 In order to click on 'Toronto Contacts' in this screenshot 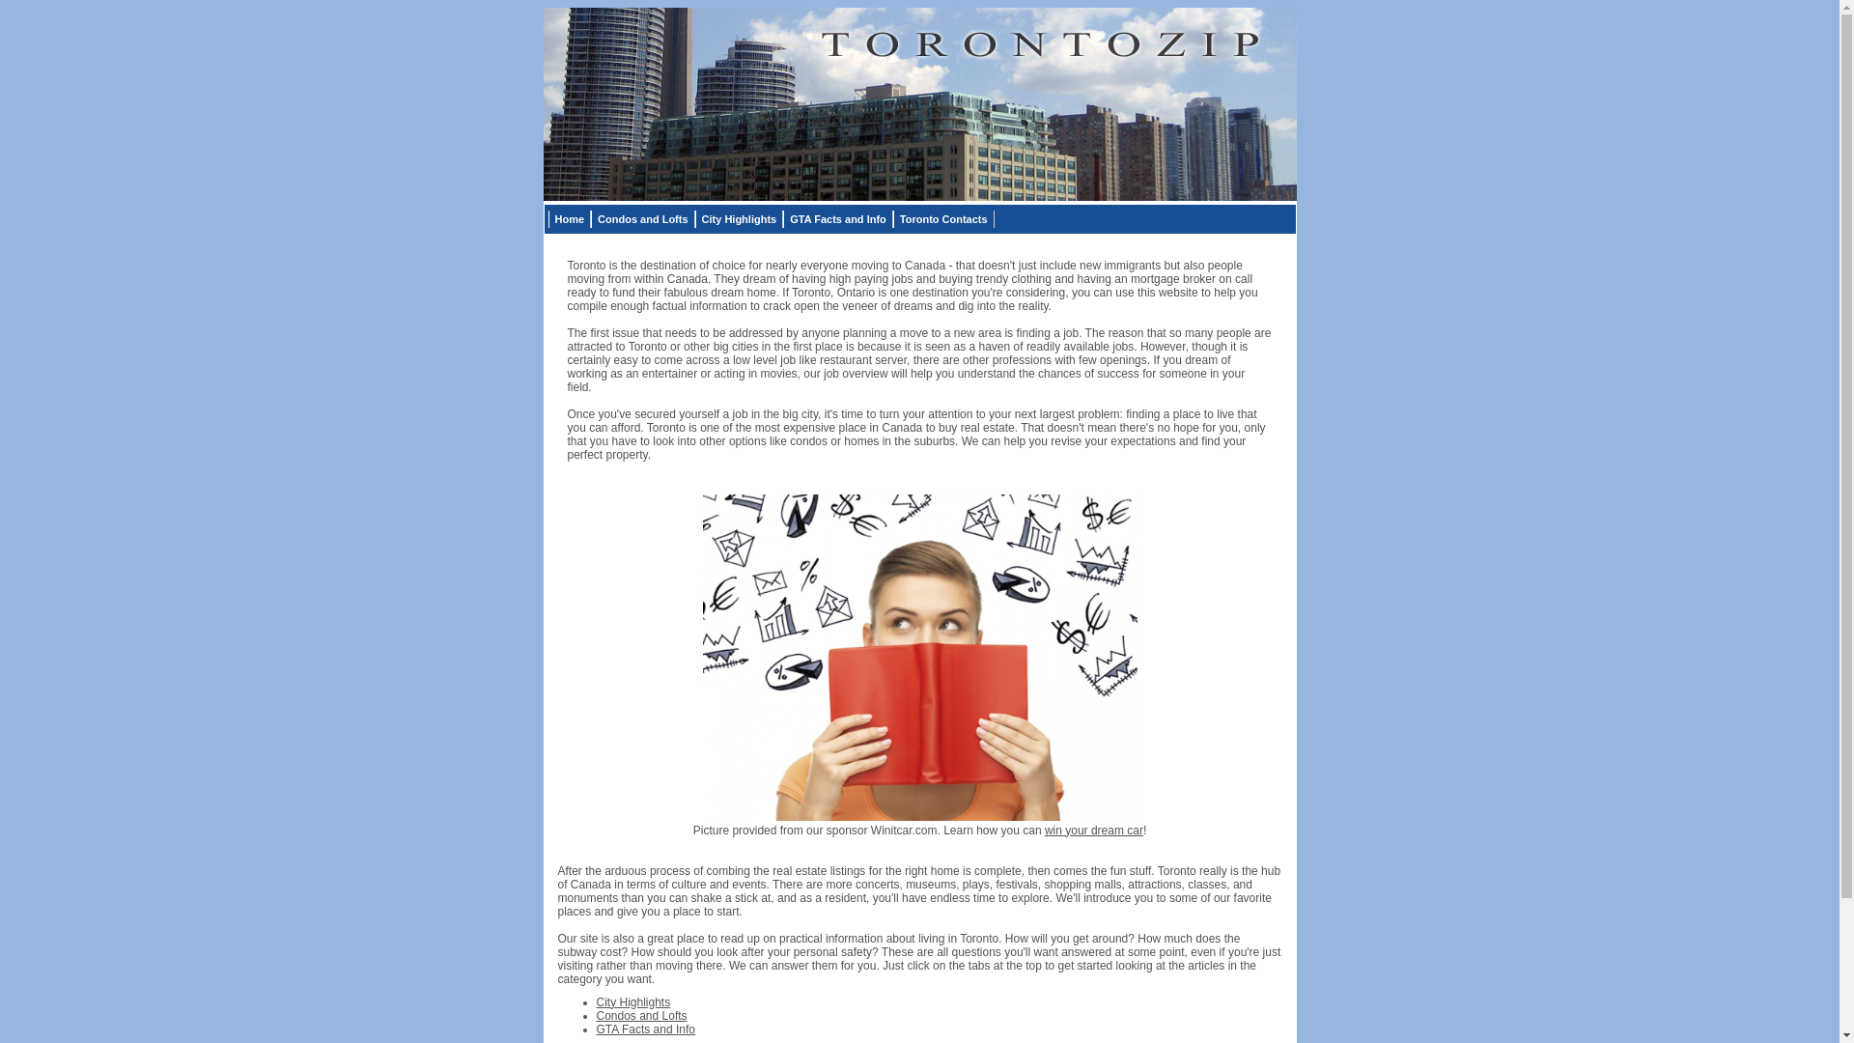, I will do `click(892, 218)`.